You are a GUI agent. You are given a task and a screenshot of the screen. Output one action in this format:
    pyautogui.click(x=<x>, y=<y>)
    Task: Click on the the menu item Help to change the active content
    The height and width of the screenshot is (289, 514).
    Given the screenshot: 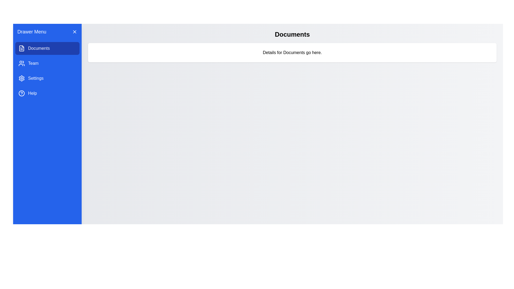 What is the action you would take?
    pyautogui.click(x=47, y=93)
    